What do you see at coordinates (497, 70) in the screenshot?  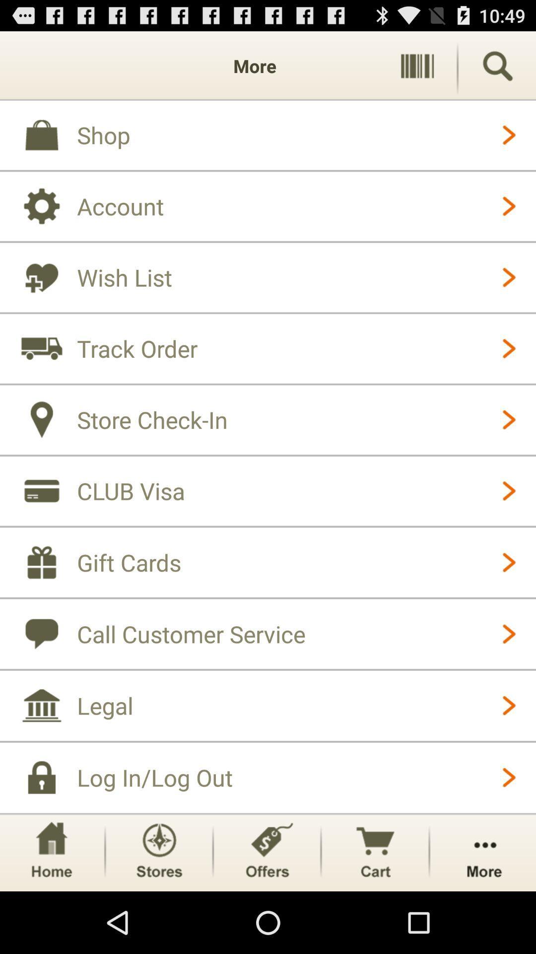 I see `the search icon` at bounding box center [497, 70].